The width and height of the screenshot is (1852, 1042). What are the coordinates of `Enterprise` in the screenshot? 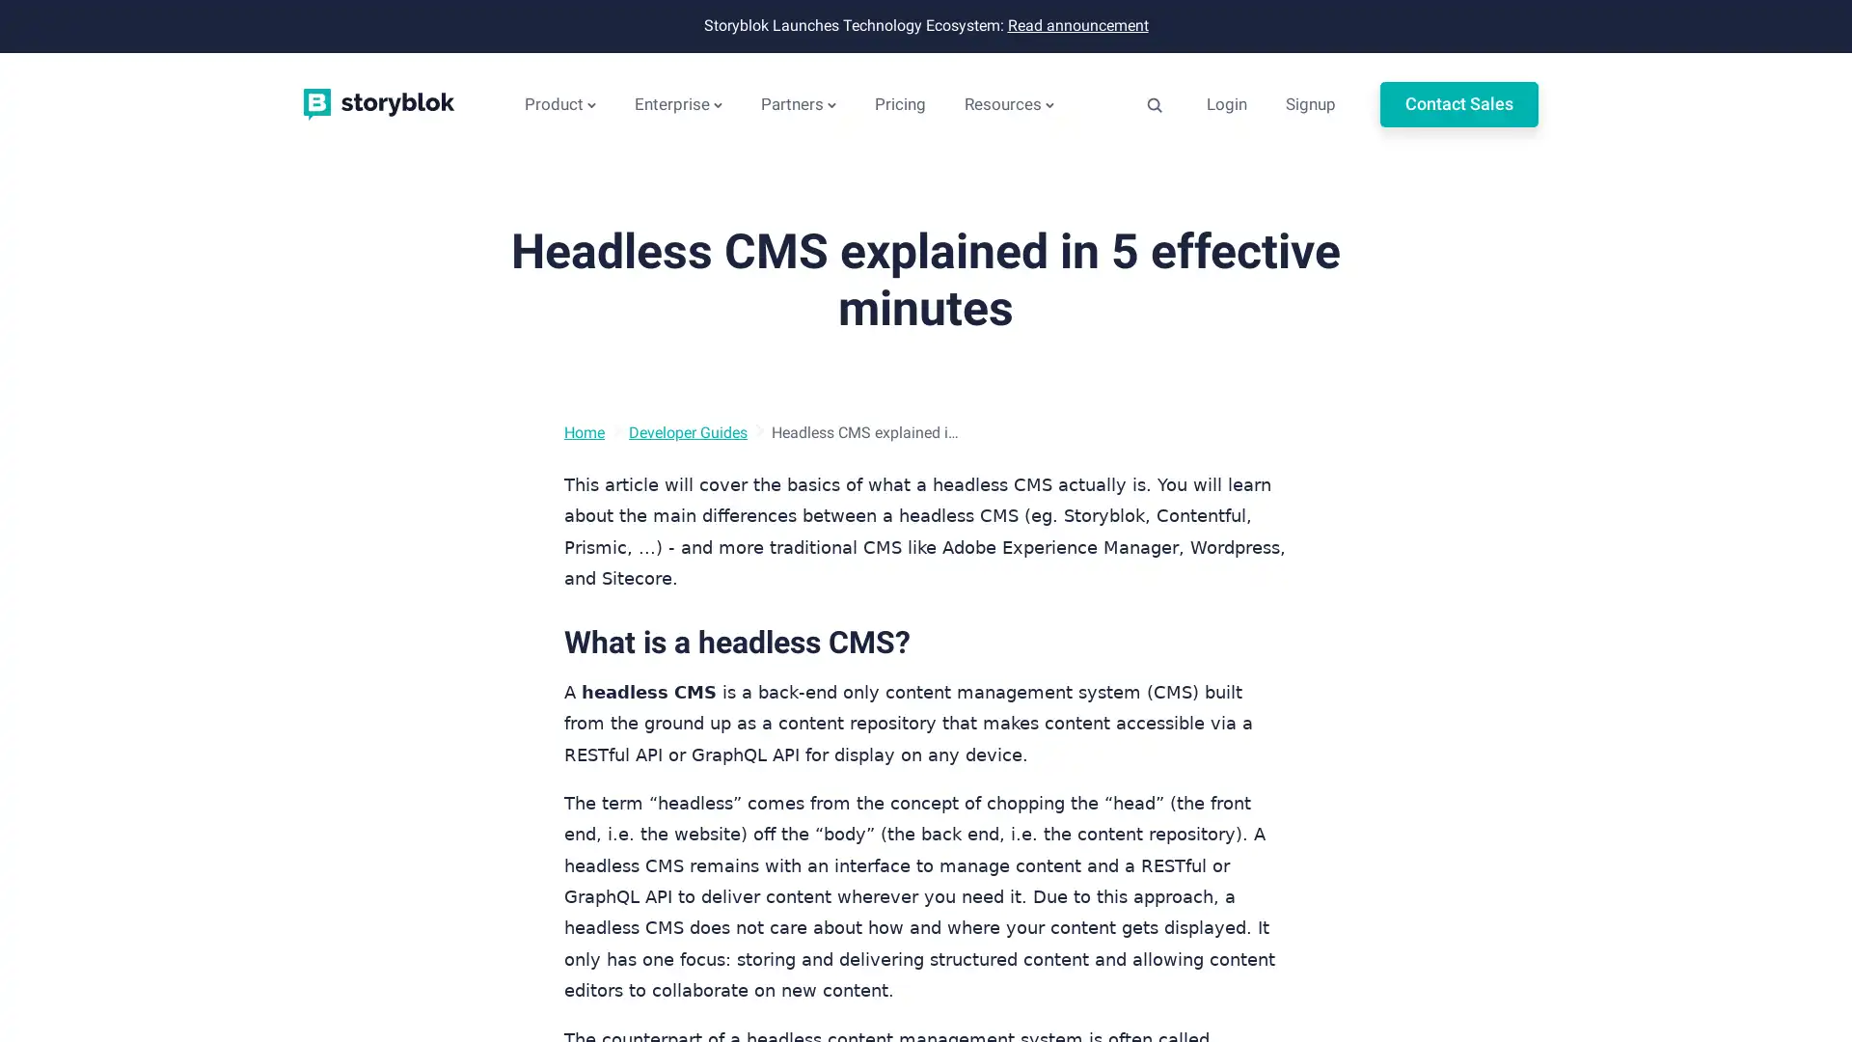 It's located at (678, 104).